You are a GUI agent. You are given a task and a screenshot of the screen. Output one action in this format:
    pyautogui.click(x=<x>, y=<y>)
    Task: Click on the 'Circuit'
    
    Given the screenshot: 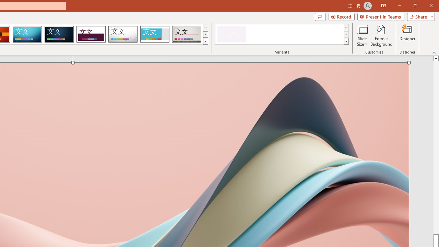 What is the action you would take?
    pyautogui.click(x=27, y=34)
    